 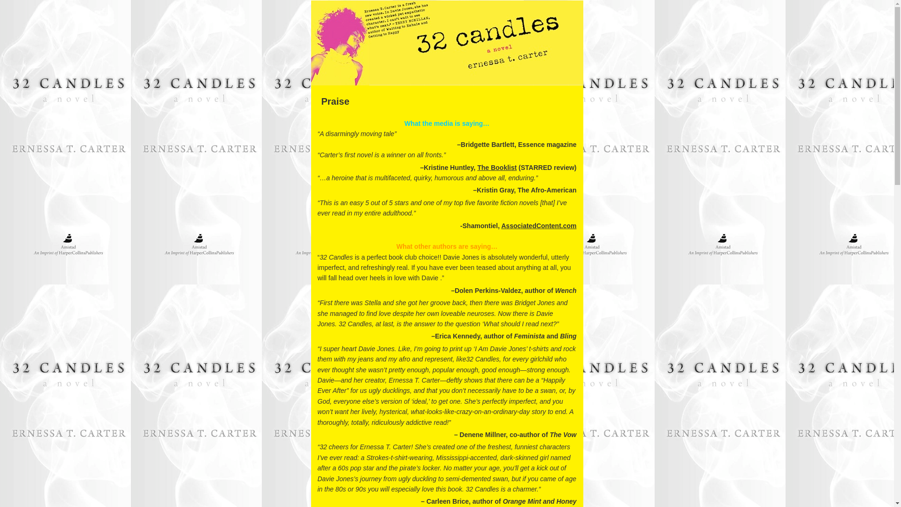 I want to click on 'AssociatedContent.com', so click(x=501, y=226).